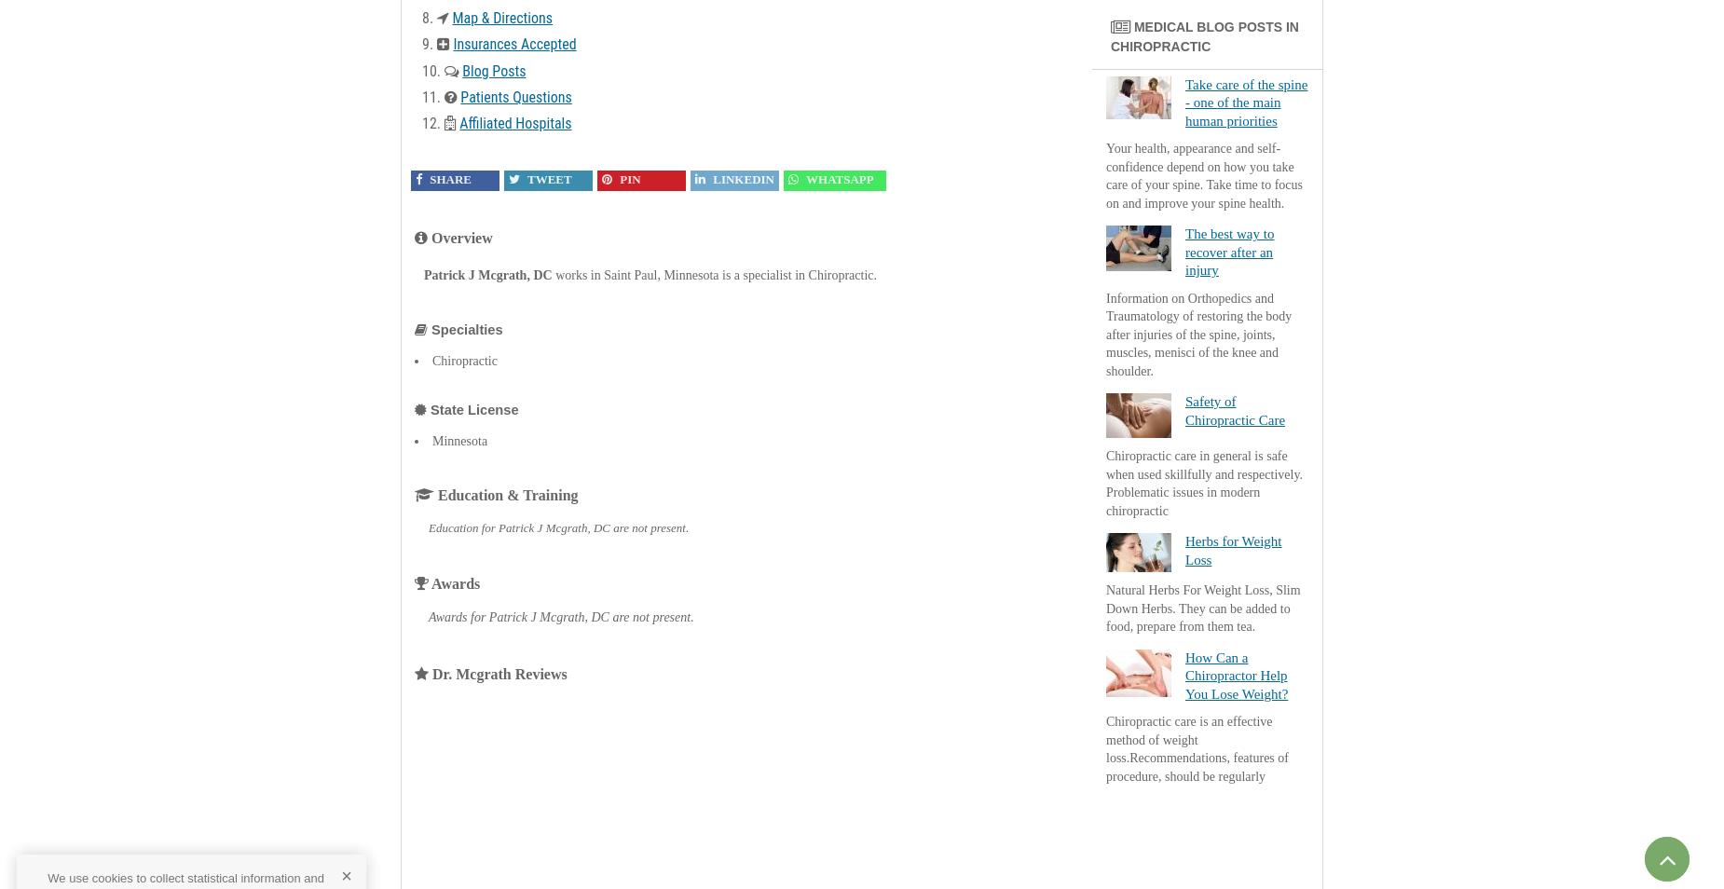 This screenshot has width=1724, height=889. What do you see at coordinates (464, 360) in the screenshot?
I see `'Chiropractic'` at bounding box center [464, 360].